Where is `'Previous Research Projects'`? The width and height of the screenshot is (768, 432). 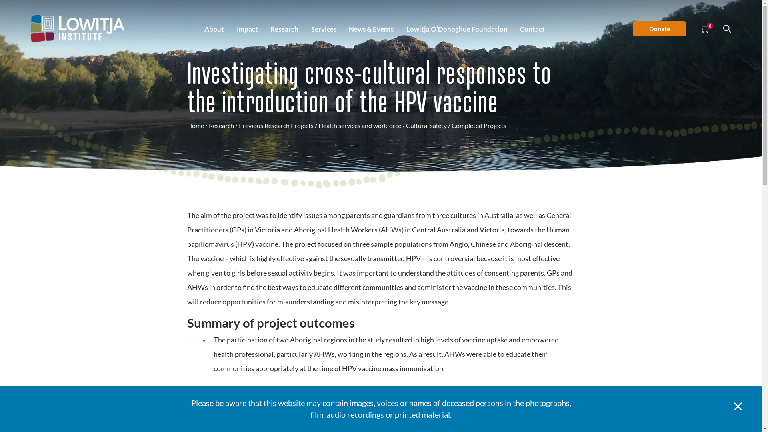
'Previous Research Projects' is located at coordinates (238, 125).